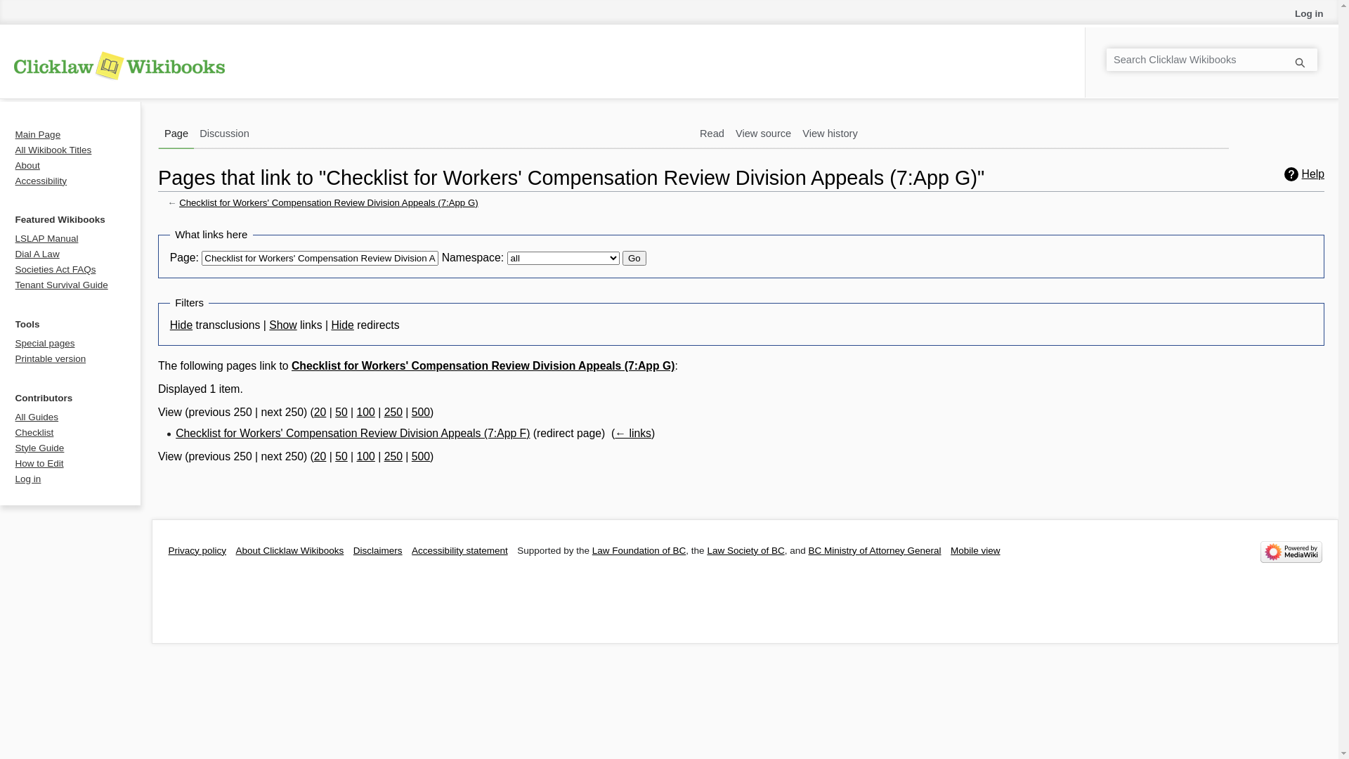 This screenshot has width=1349, height=759. What do you see at coordinates (1298, 61) in the screenshot?
I see `'Go to a page with this exact name if it exists'` at bounding box center [1298, 61].